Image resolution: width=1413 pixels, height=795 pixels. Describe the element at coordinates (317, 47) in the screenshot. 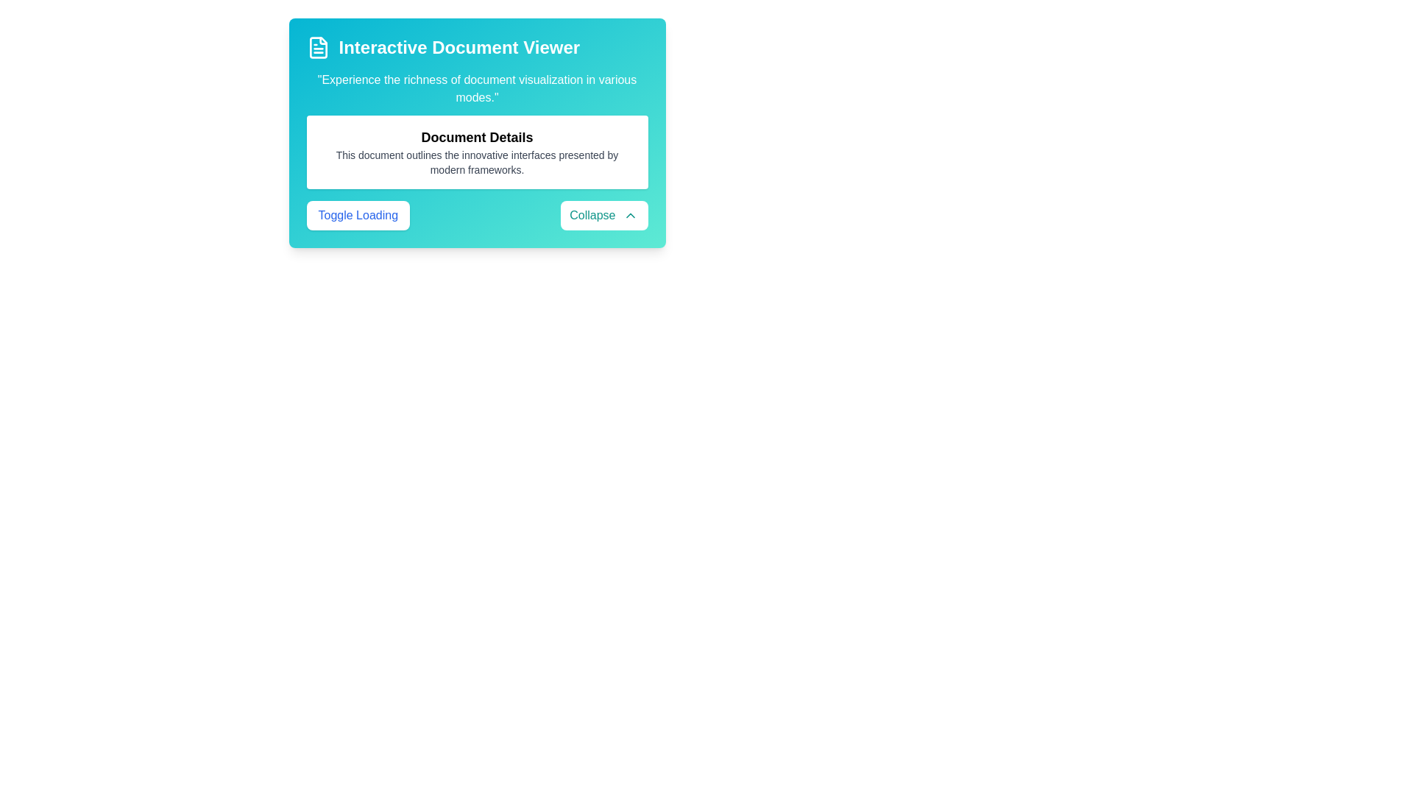

I see `the first Graphical Icon (SVG) representing a document or file, located near the top-left corner of the interactive document viewer interface` at that location.